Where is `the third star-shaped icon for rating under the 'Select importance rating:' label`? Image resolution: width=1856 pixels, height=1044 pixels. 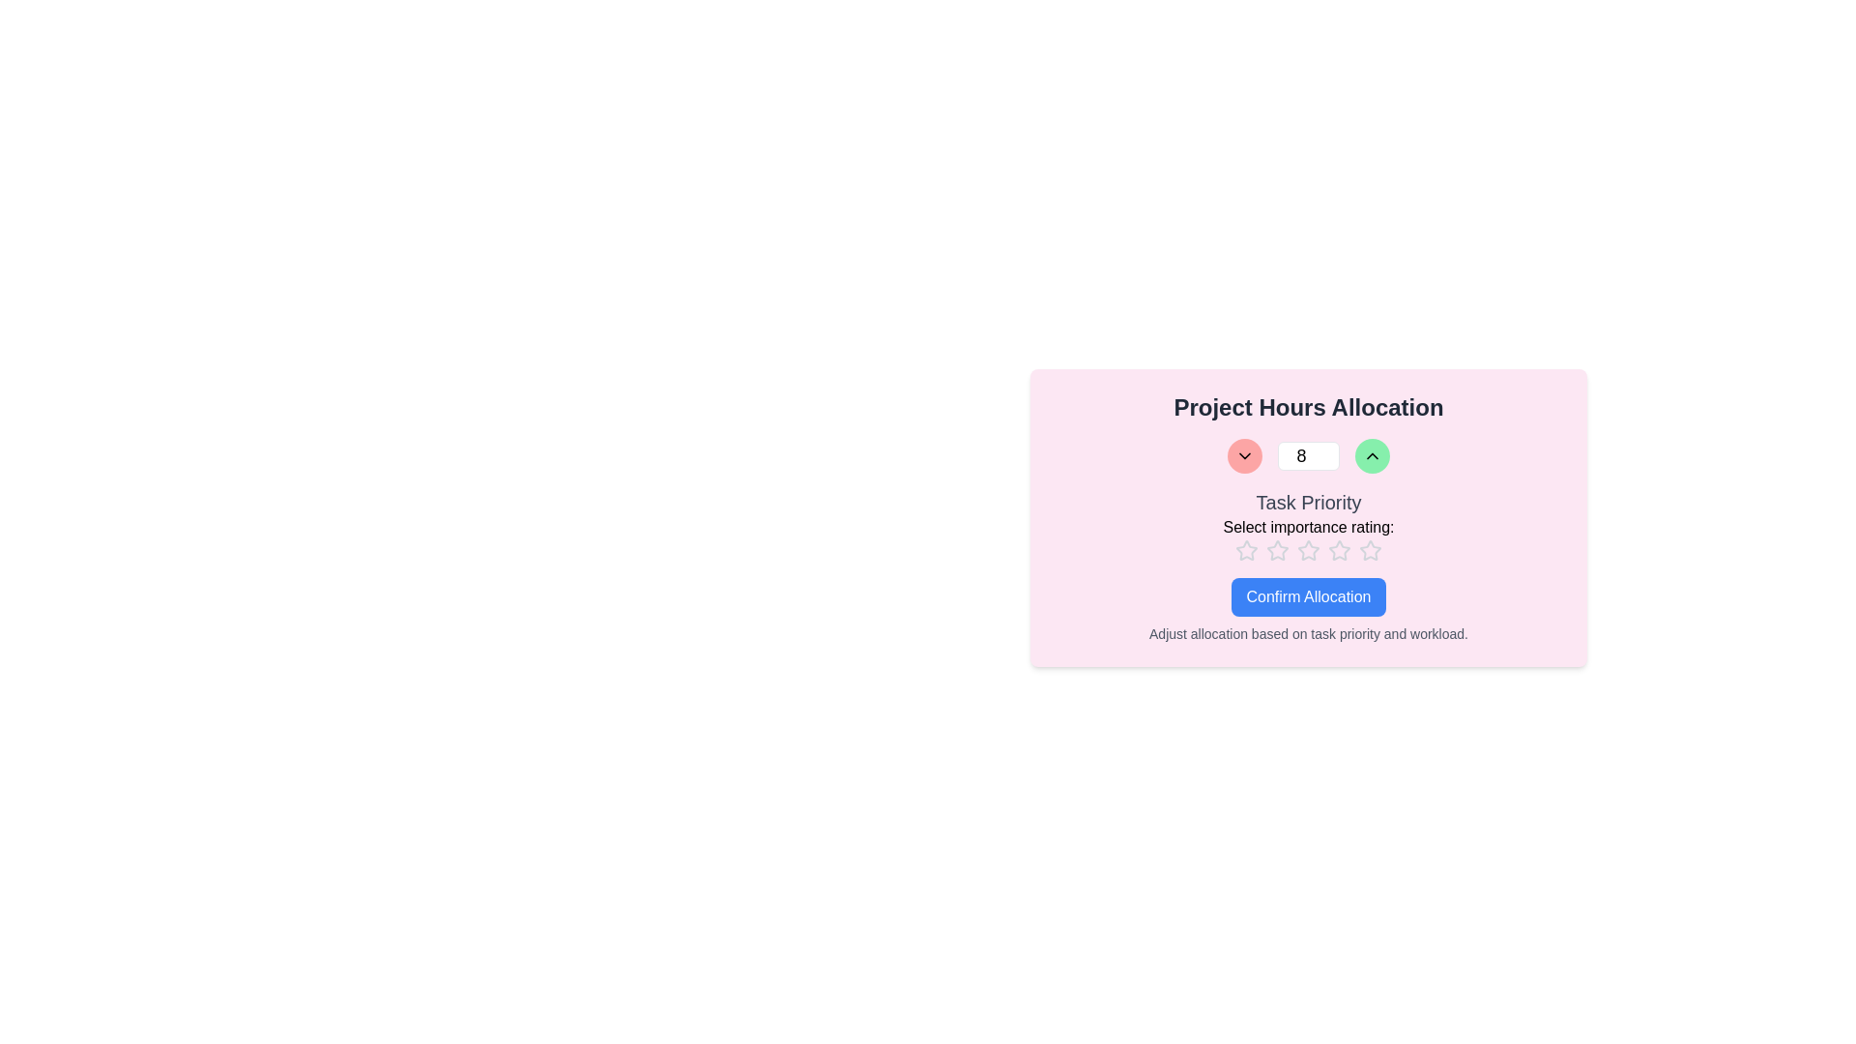 the third star-shaped icon for rating under the 'Select importance rating:' label is located at coordinates (1277, 551).